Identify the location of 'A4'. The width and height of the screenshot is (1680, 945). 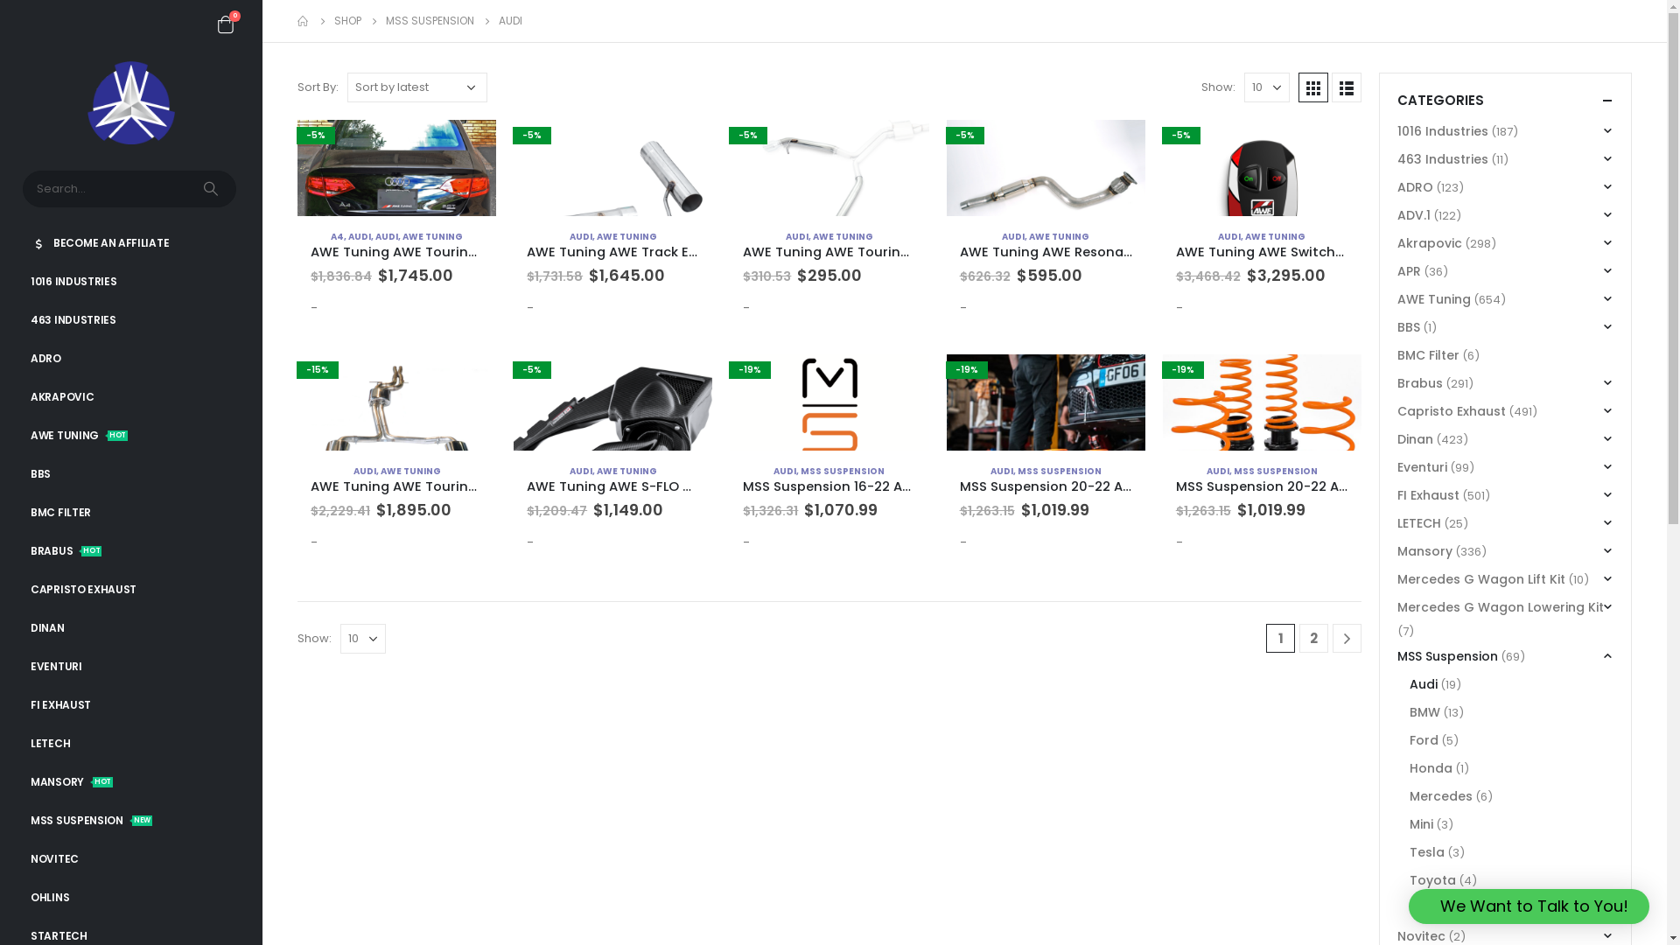
(337, 236).